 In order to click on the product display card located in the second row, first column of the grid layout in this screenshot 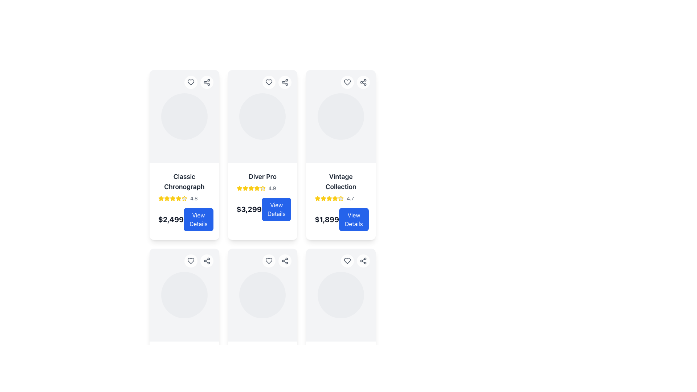, I will do `click(184, 295)`.